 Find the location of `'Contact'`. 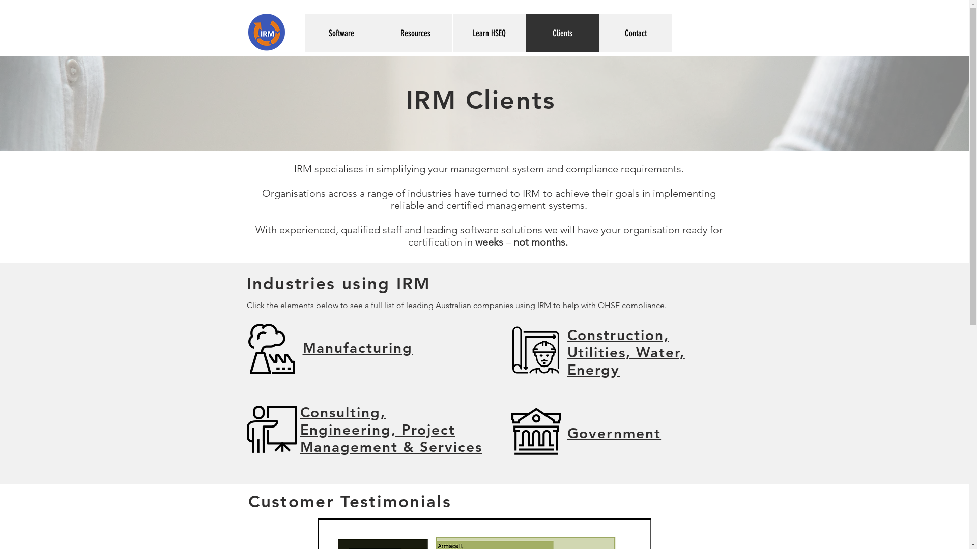

'Contact' is located at coordinates (635, 33).